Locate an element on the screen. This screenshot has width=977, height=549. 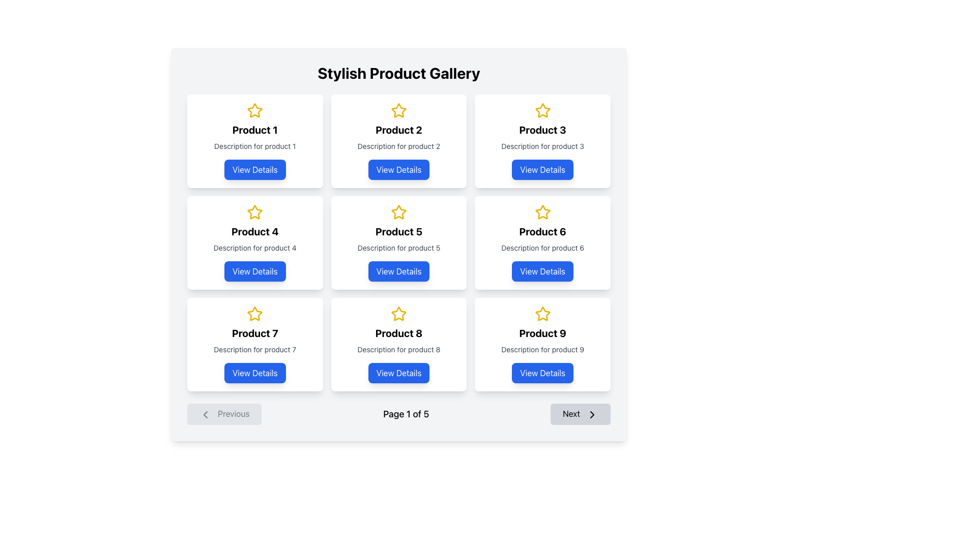
the static informational text providing a brief description of 'Product 6', located in the center column of the product gallery, third item in the second row is located at coordinates (542, 248).